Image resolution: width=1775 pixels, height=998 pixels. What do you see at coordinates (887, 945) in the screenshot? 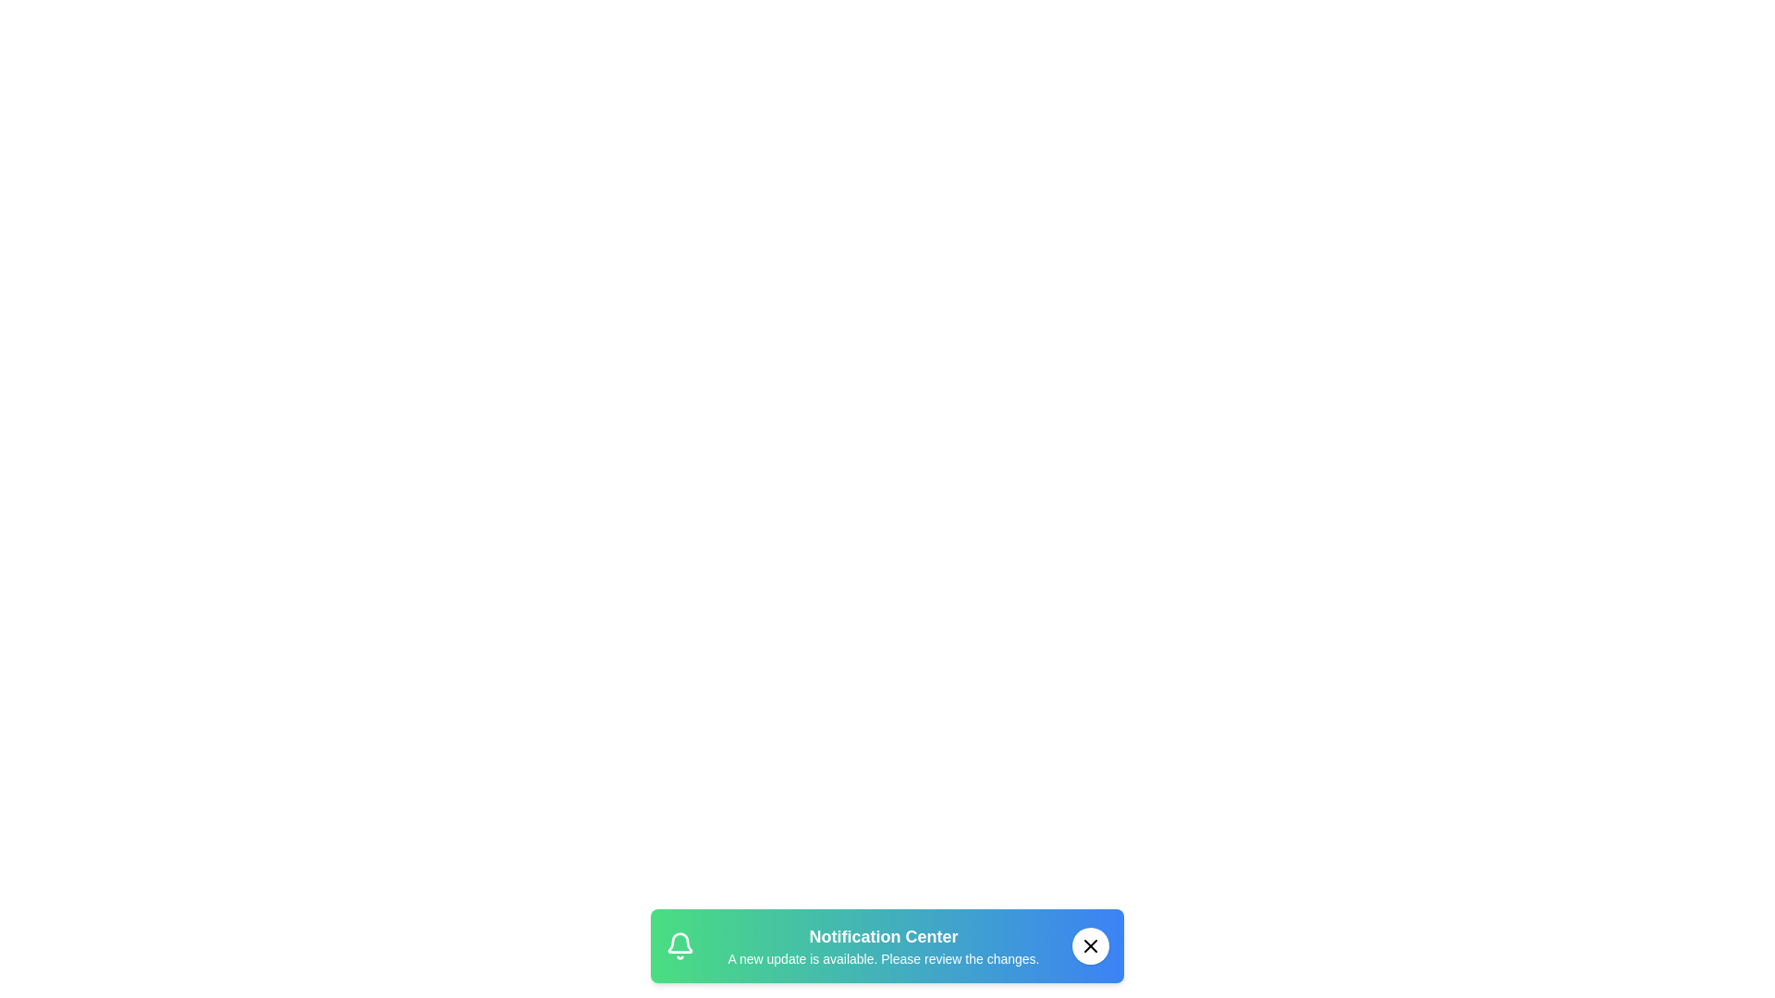
I see `the snackbar area to focus on it` at bounding box center [887, 945].